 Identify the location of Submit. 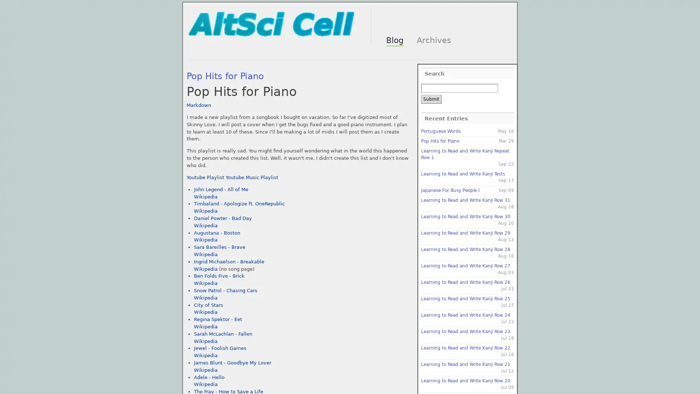
(431, 99).